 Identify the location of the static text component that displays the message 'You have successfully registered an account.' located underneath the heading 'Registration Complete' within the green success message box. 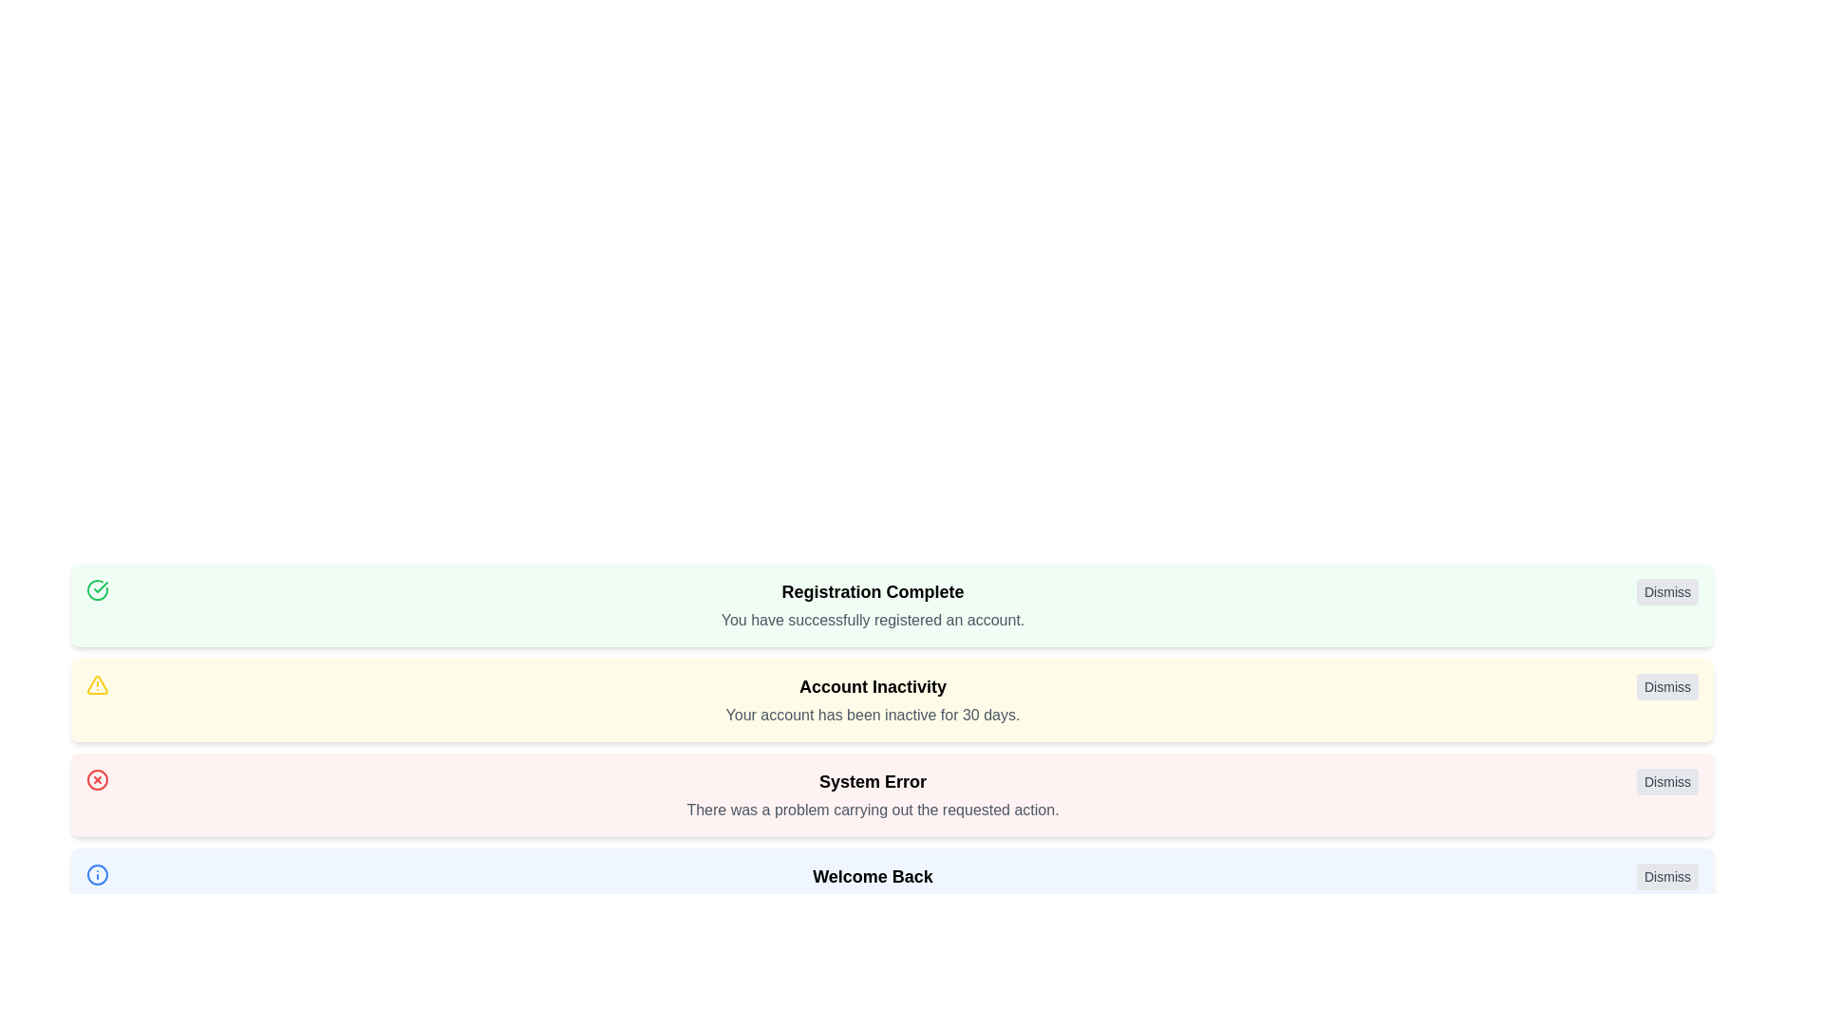
(872, 621).